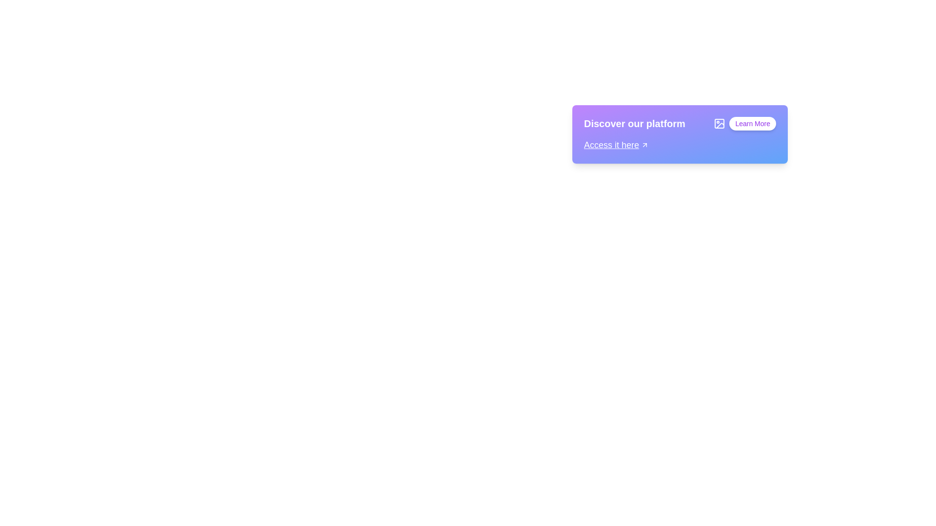 This screenshot has width=936, height=526. I want to click on the decorative icon that represents image-related content, which is positioned to the left of the 'Learn More' button, so click(720, 123).